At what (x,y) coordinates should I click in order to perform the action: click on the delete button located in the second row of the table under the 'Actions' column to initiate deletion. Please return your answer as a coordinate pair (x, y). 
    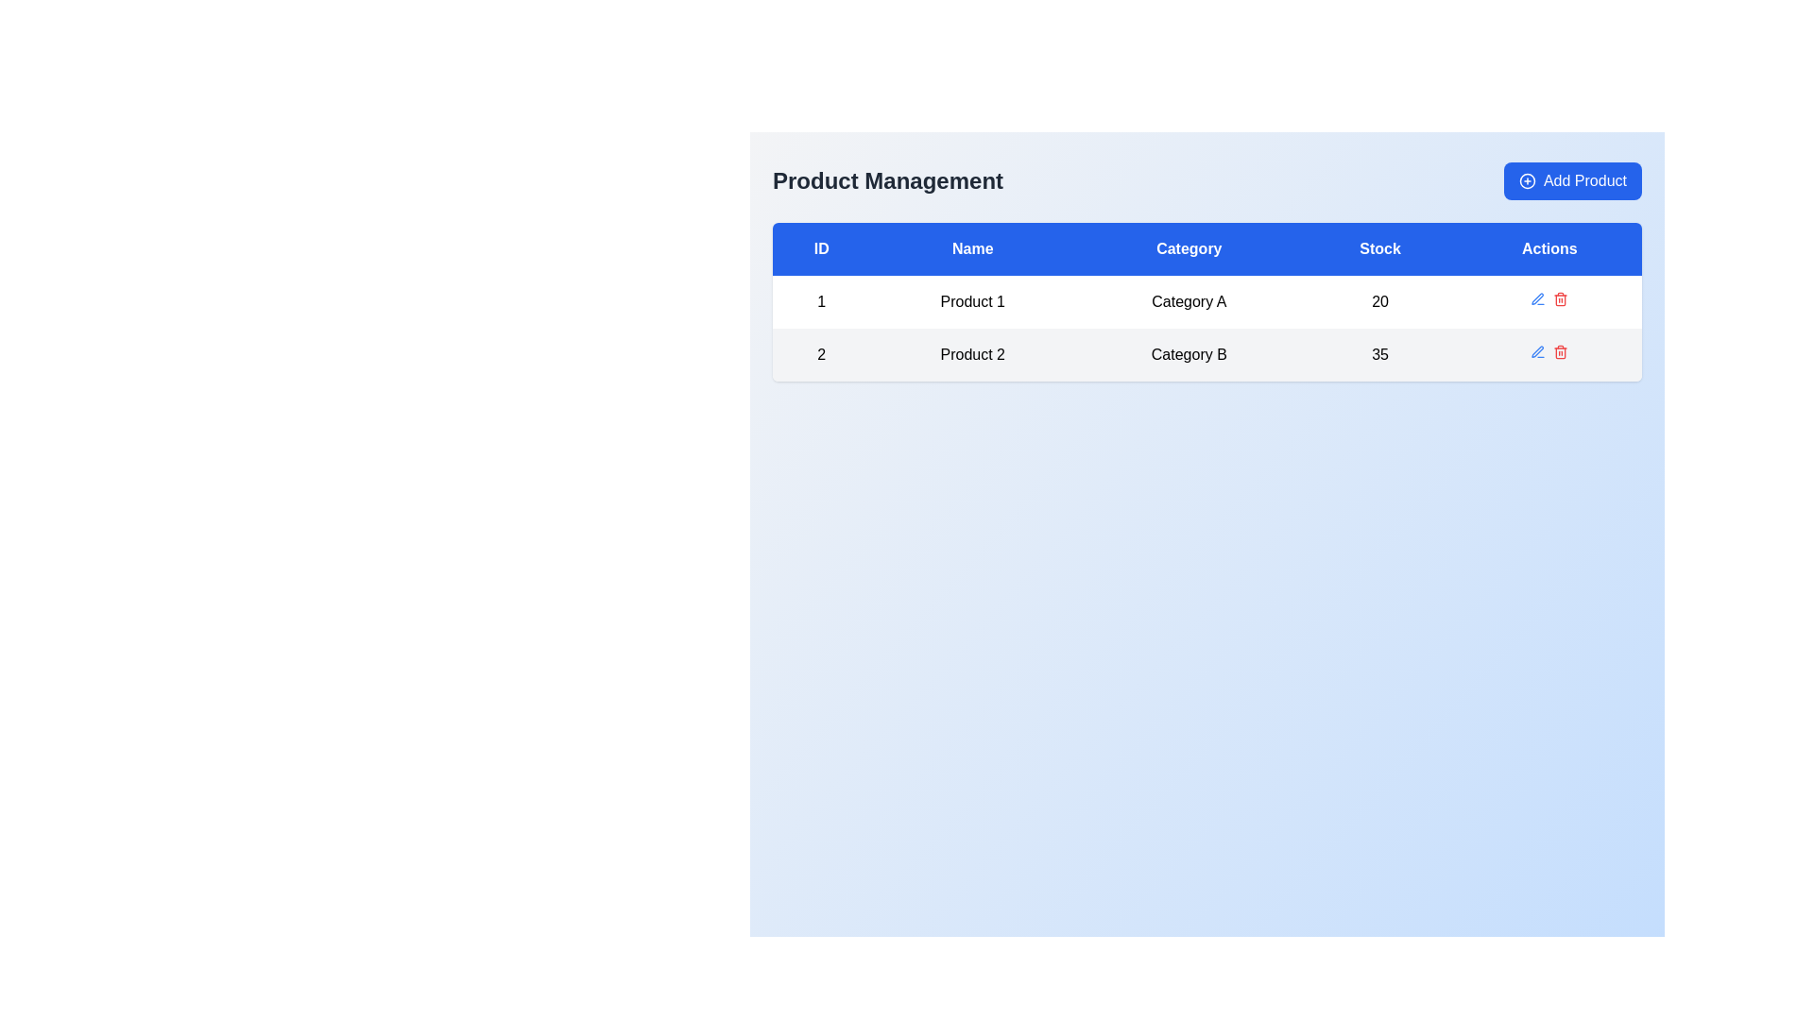
    Looking at the image, I should click on (1561, 352).